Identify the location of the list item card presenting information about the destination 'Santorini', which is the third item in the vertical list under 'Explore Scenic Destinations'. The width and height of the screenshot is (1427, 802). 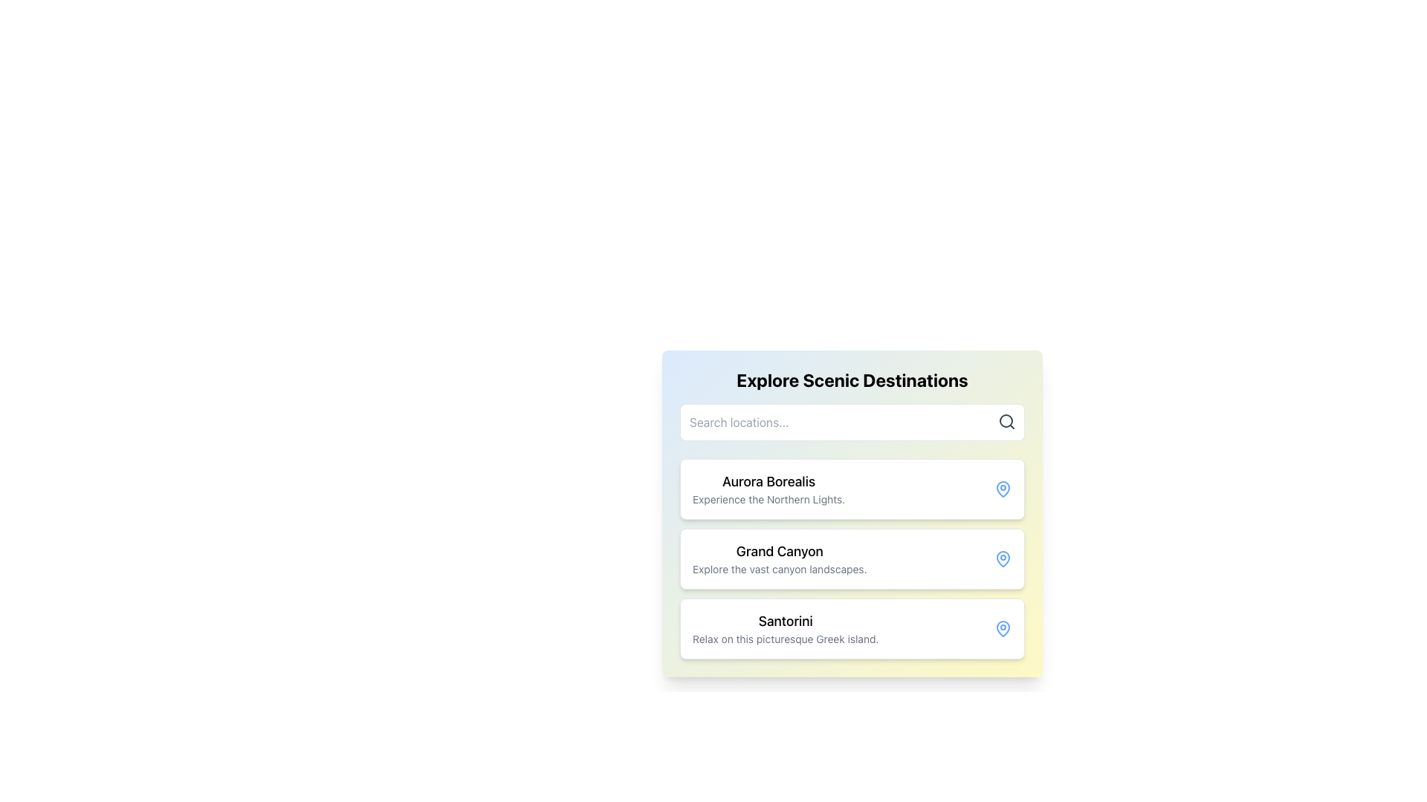
(852, 629).